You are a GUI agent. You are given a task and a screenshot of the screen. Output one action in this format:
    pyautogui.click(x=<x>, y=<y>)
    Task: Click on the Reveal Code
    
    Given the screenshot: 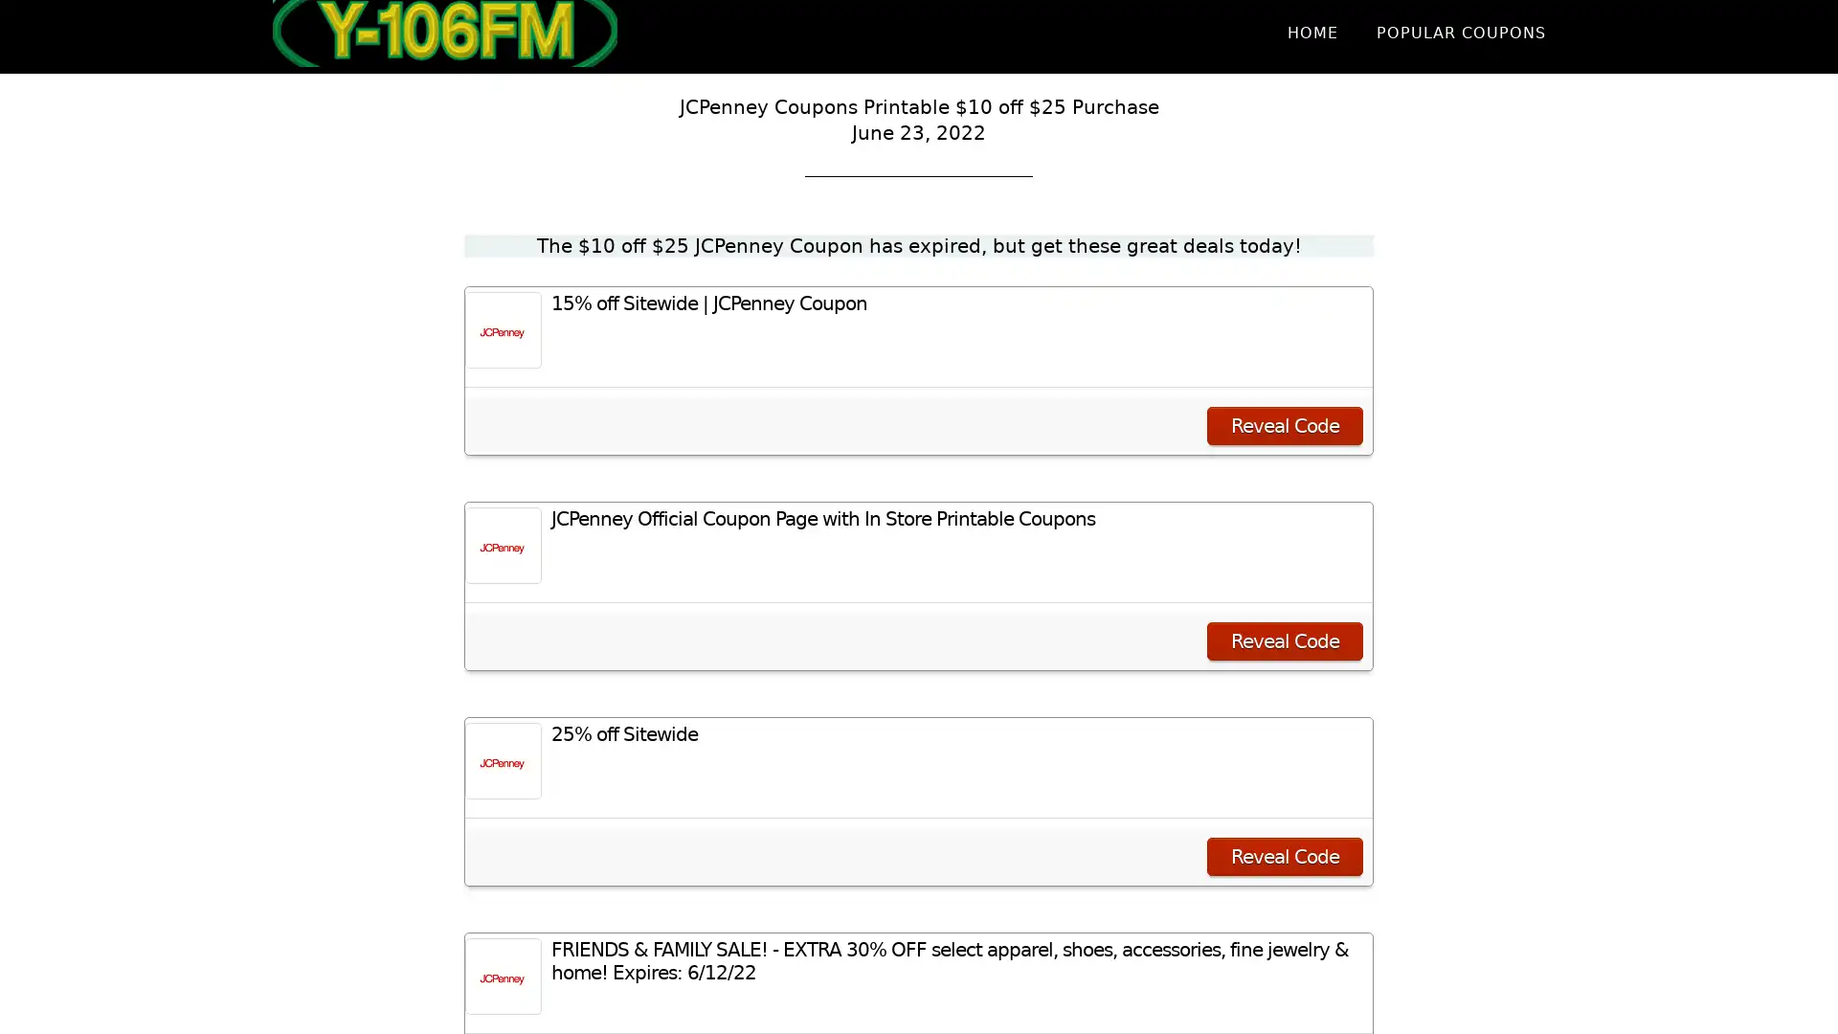 What is the action you would take?
    pyautogui.click(x=1285, y=855)
    